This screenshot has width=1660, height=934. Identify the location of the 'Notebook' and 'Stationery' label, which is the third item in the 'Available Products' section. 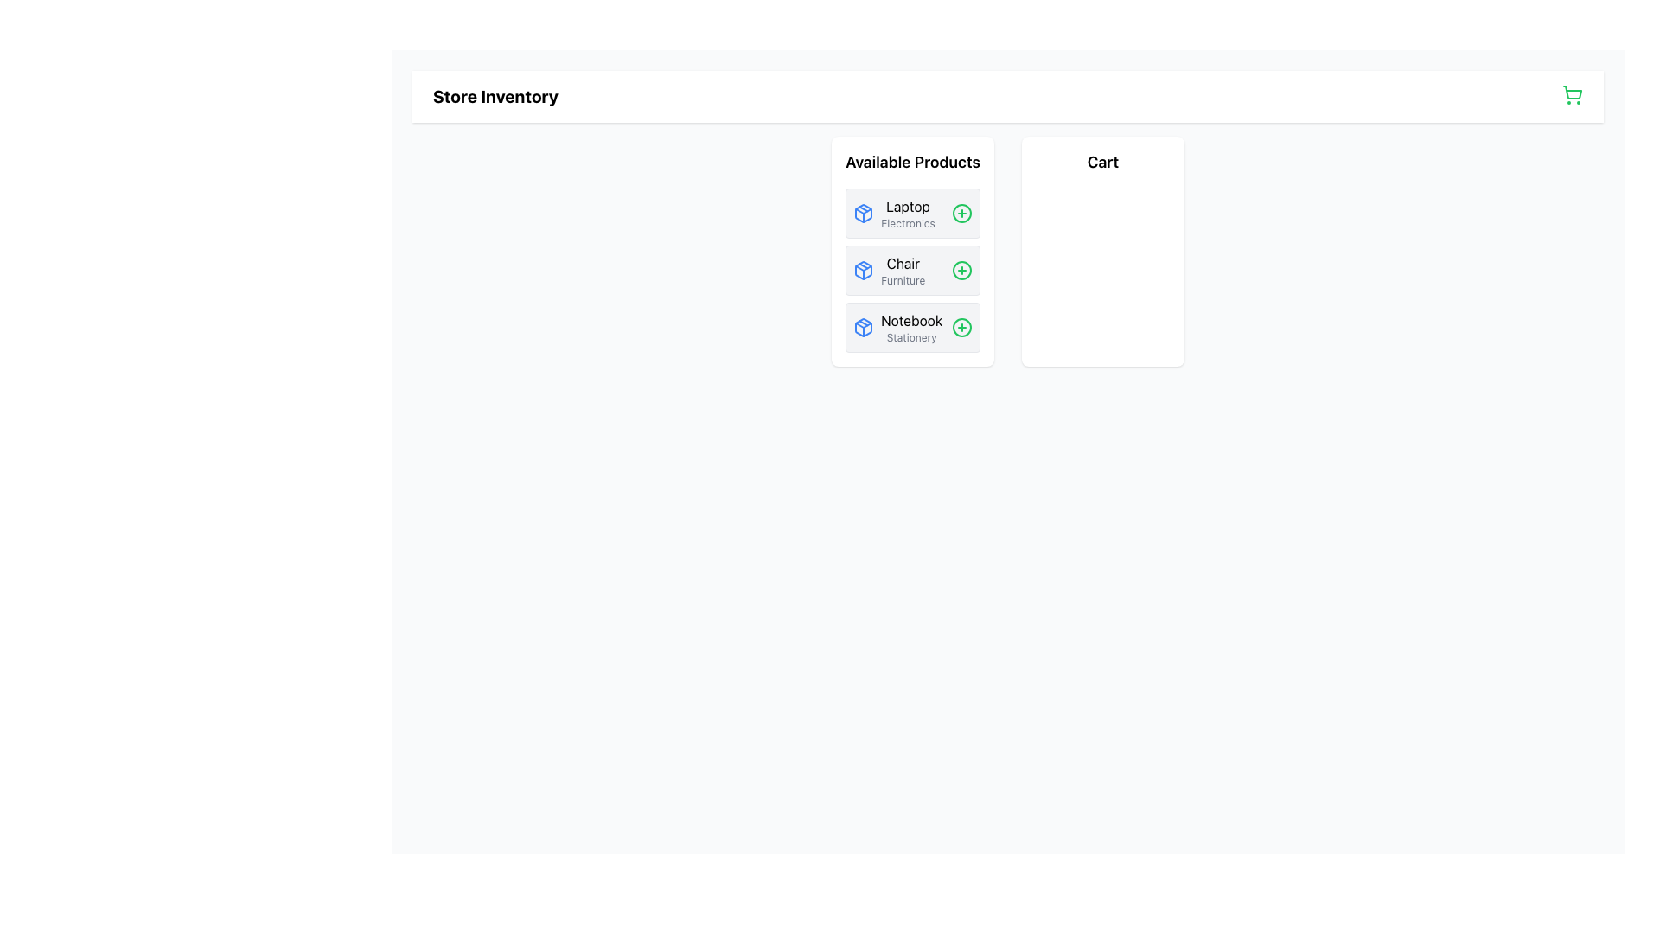
(910, 327).